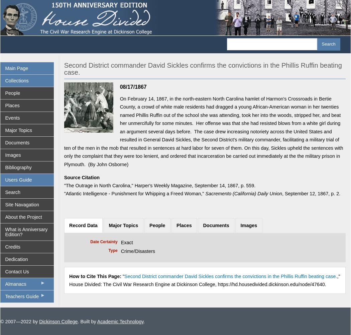 Image resolution: width=351 pixels, height=335 pixels. I want to click on '. Built by', so click(87, 321).